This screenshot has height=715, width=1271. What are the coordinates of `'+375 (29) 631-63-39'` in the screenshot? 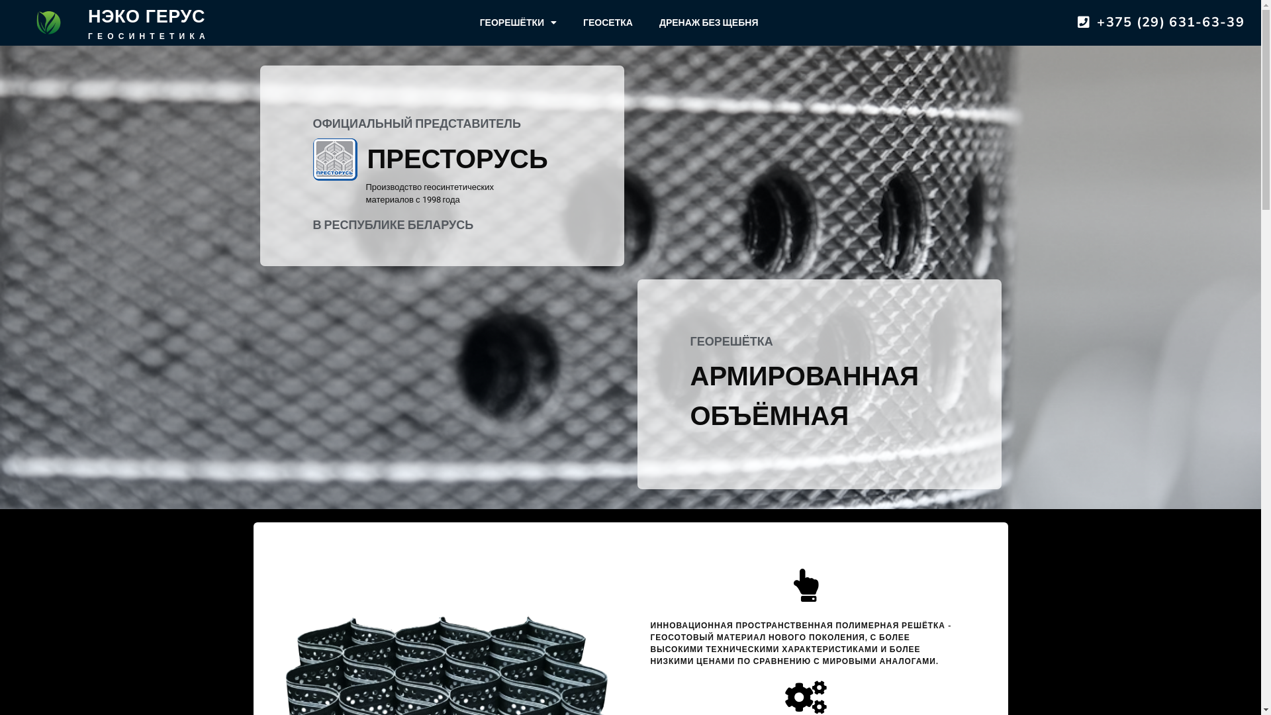 It's located at (1158, 23).